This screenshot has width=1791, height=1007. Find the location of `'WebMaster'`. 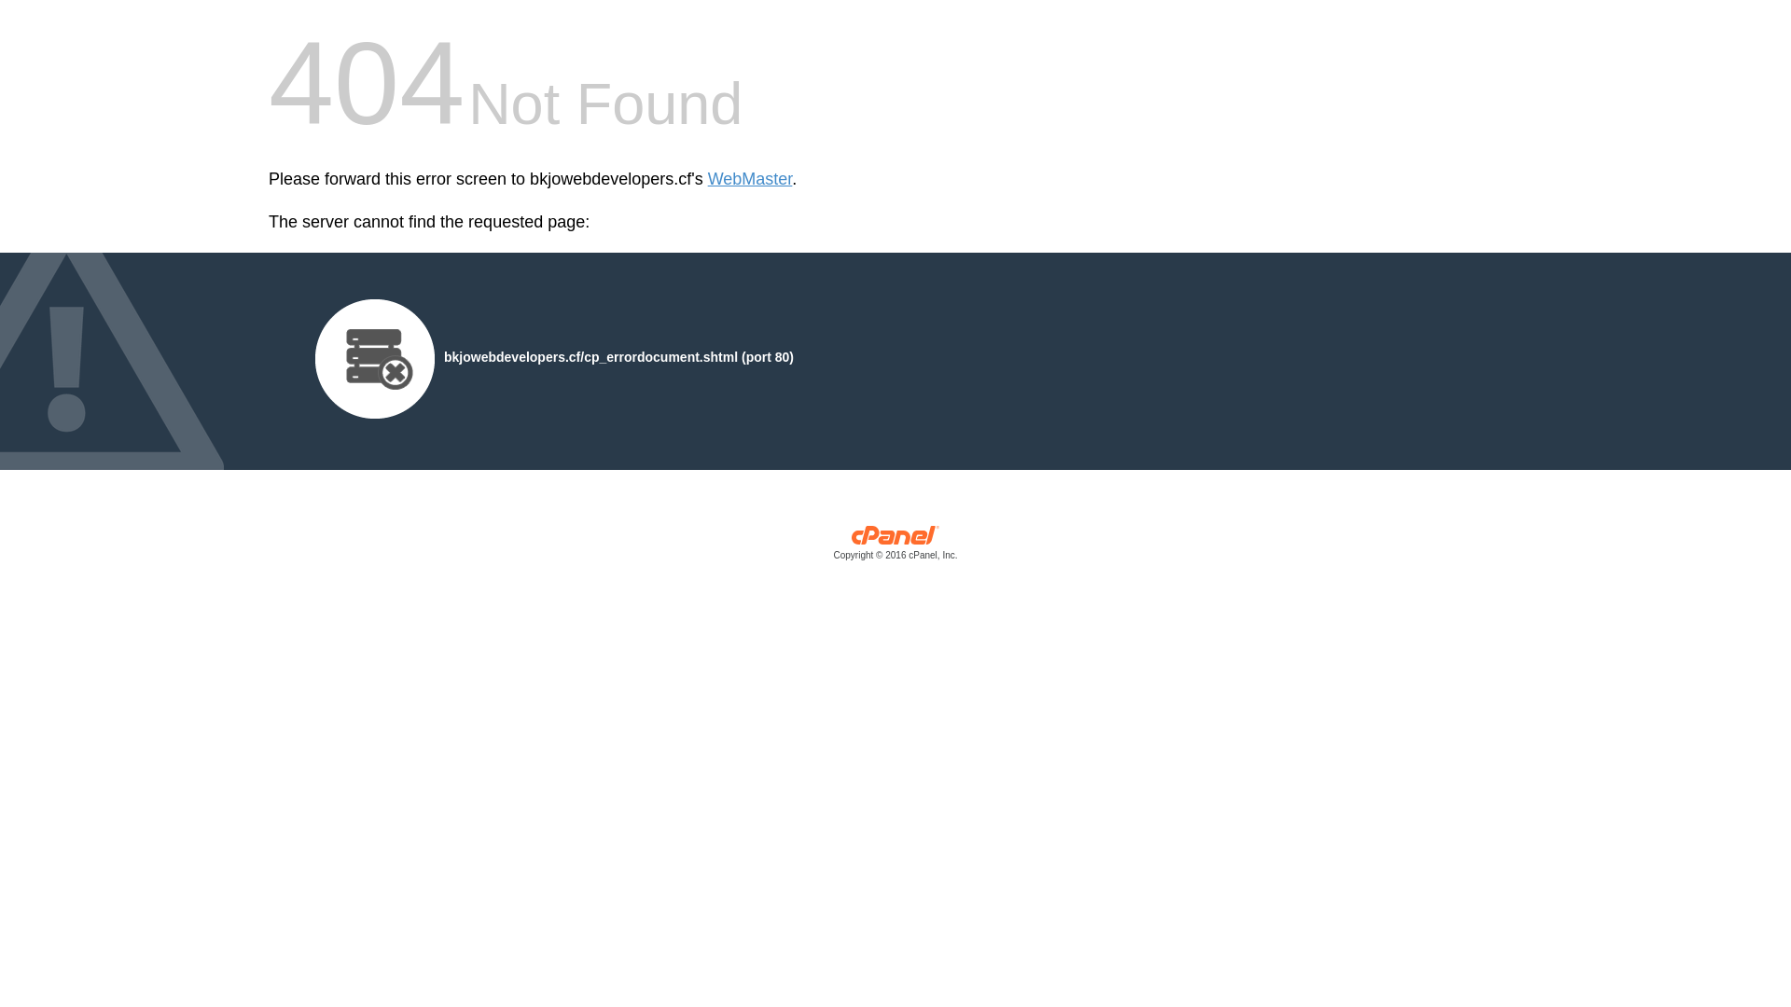

'WebMaster' is located at coordinates (706, 179).